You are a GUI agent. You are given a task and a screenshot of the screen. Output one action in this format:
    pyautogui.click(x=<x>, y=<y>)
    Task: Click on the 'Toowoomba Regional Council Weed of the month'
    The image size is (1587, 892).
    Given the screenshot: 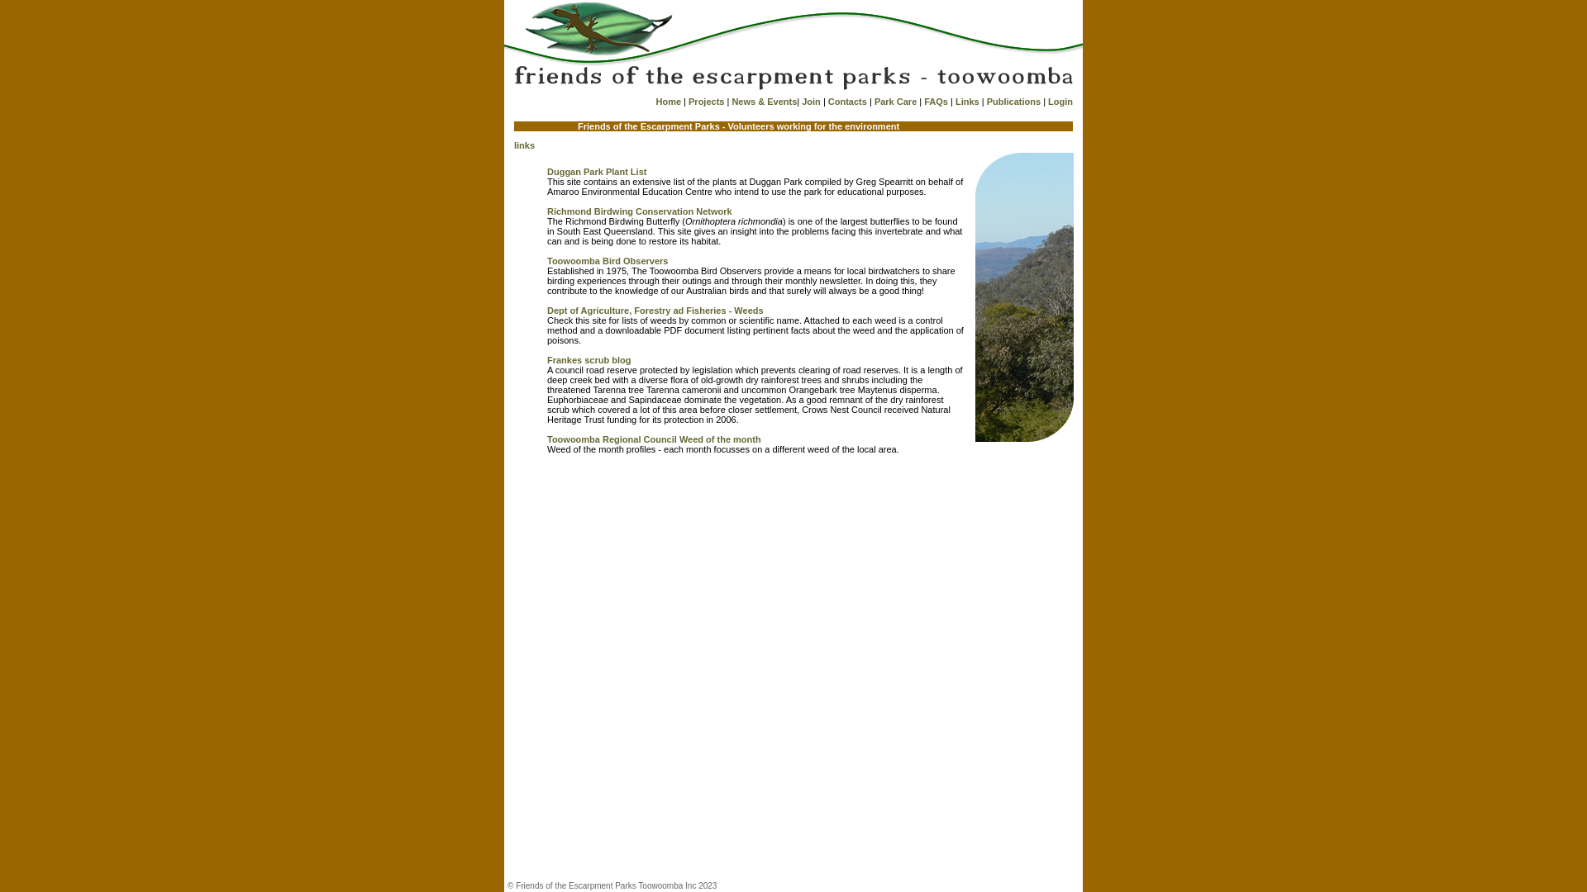 What is the action you would take?
    pyautogui.click(x=653, y=439)
    